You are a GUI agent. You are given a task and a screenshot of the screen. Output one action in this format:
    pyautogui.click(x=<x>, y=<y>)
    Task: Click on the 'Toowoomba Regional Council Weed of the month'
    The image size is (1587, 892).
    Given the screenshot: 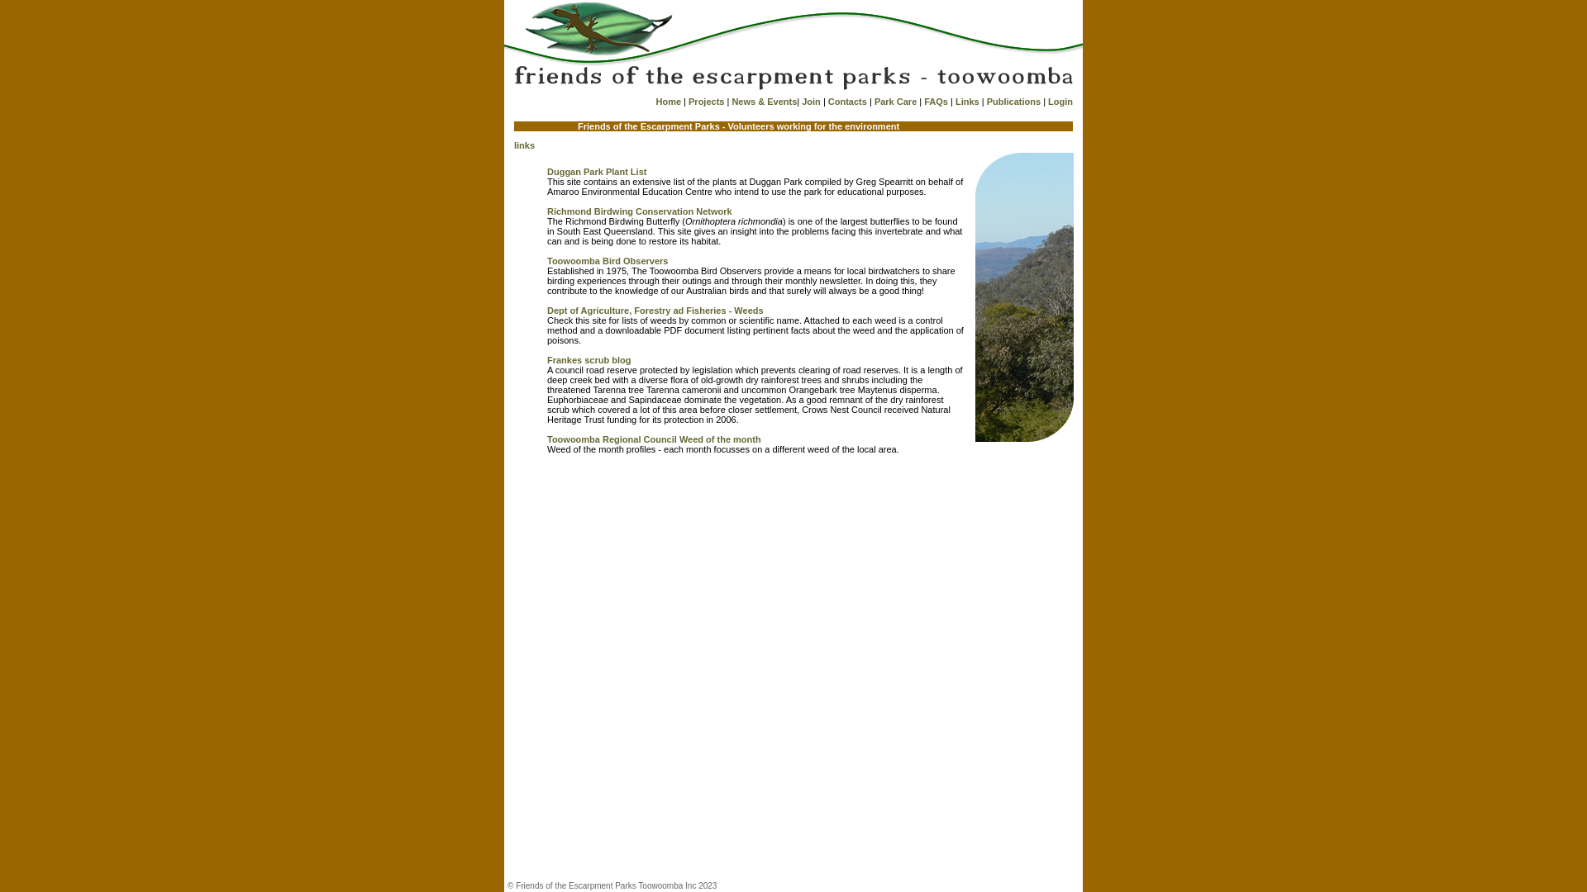 What is the action you would take?
    pyautogui.click(x=653, y=439)
    